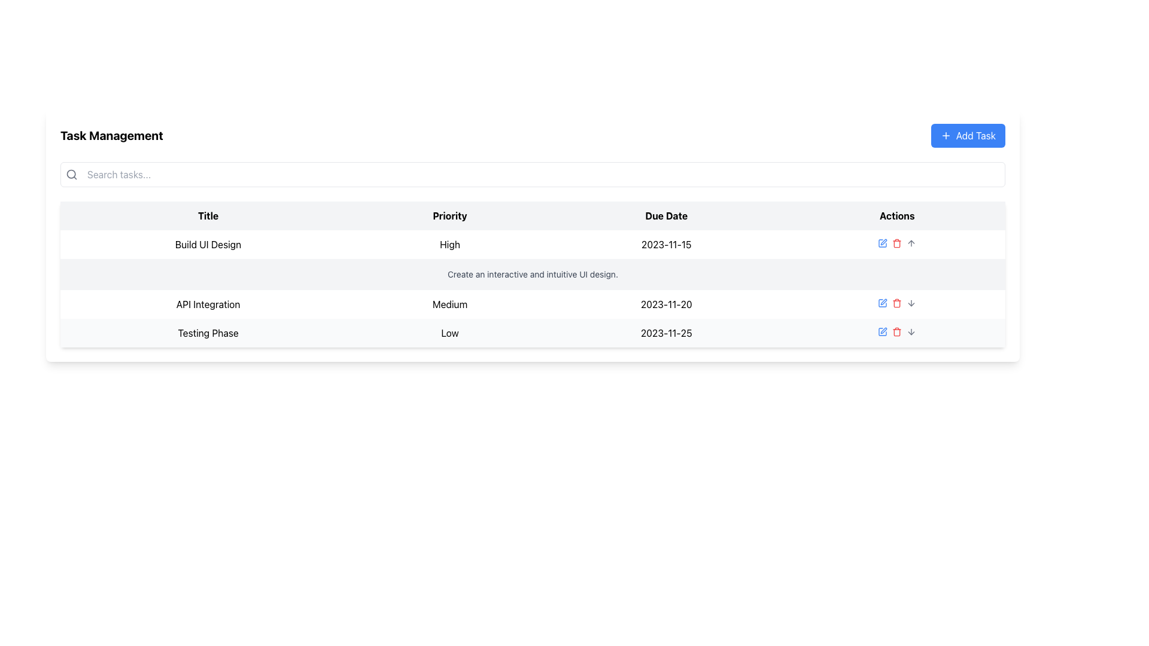  What do you see at coordinates (532, 304) in the screenshot?
I see `the second row in the task management interface, which displays details of a task below the 'Build UI Design' row, by clicking on it for selection or further actions` at bounding box center [532, 304].